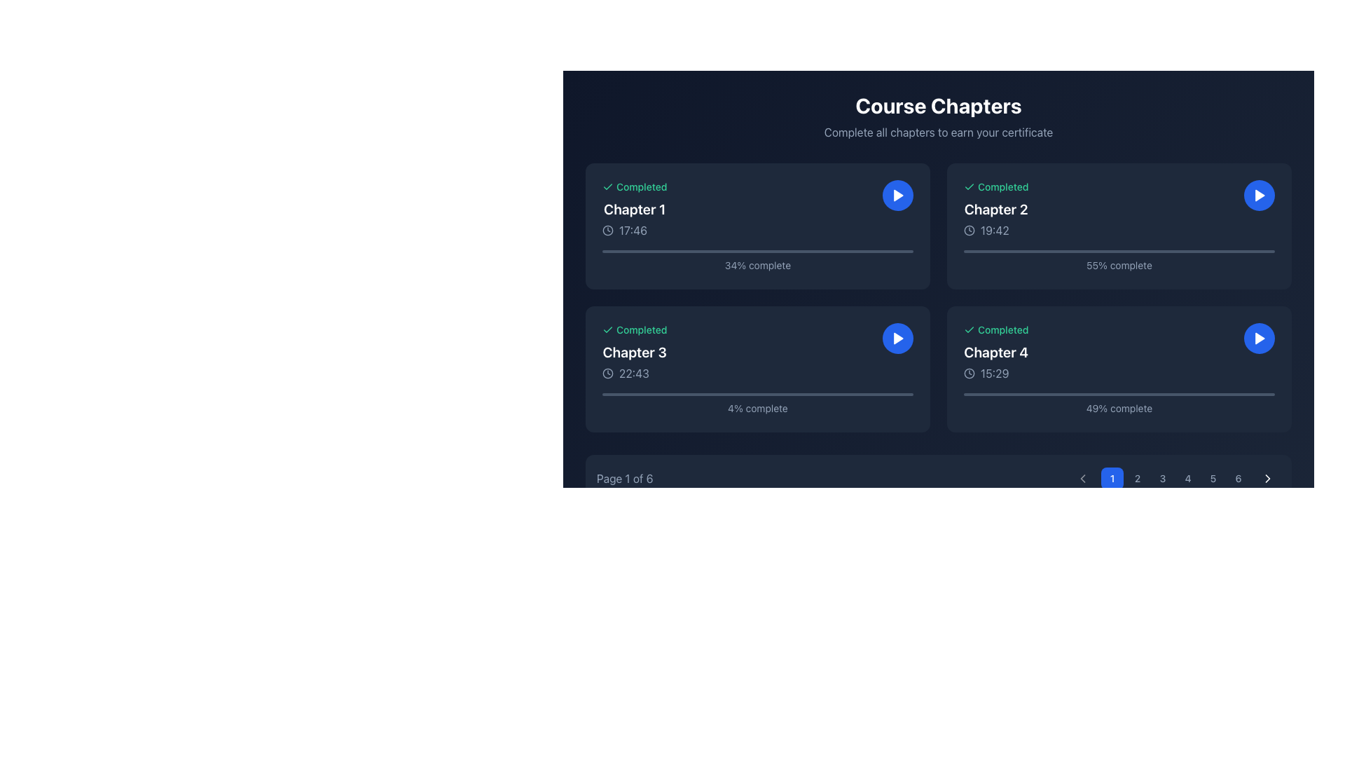 The height and width of the screenshot is (757, 1345). I want to click on the navigation icon located at the extreme lower-right of the interface, so click(1267, 477).